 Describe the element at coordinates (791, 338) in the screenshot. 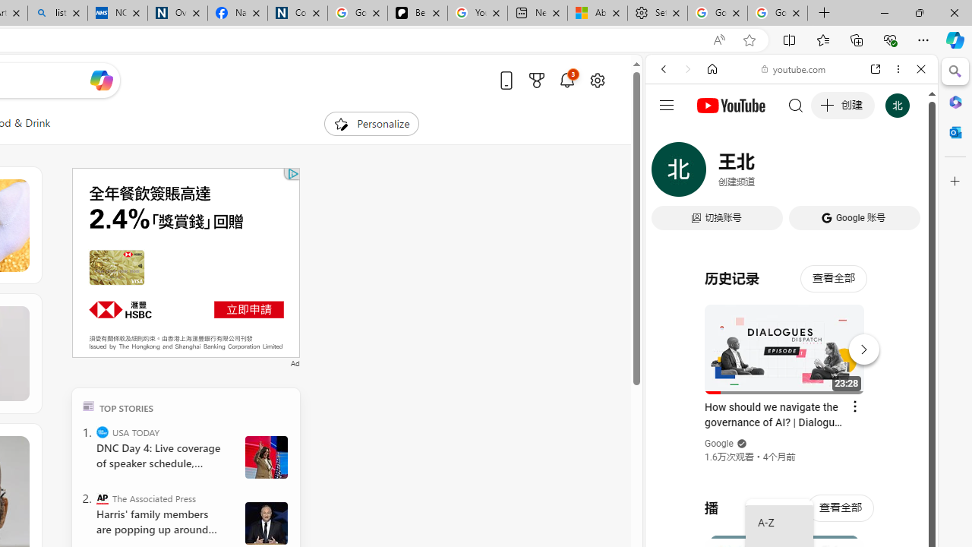

I see `'#you'` at that location.